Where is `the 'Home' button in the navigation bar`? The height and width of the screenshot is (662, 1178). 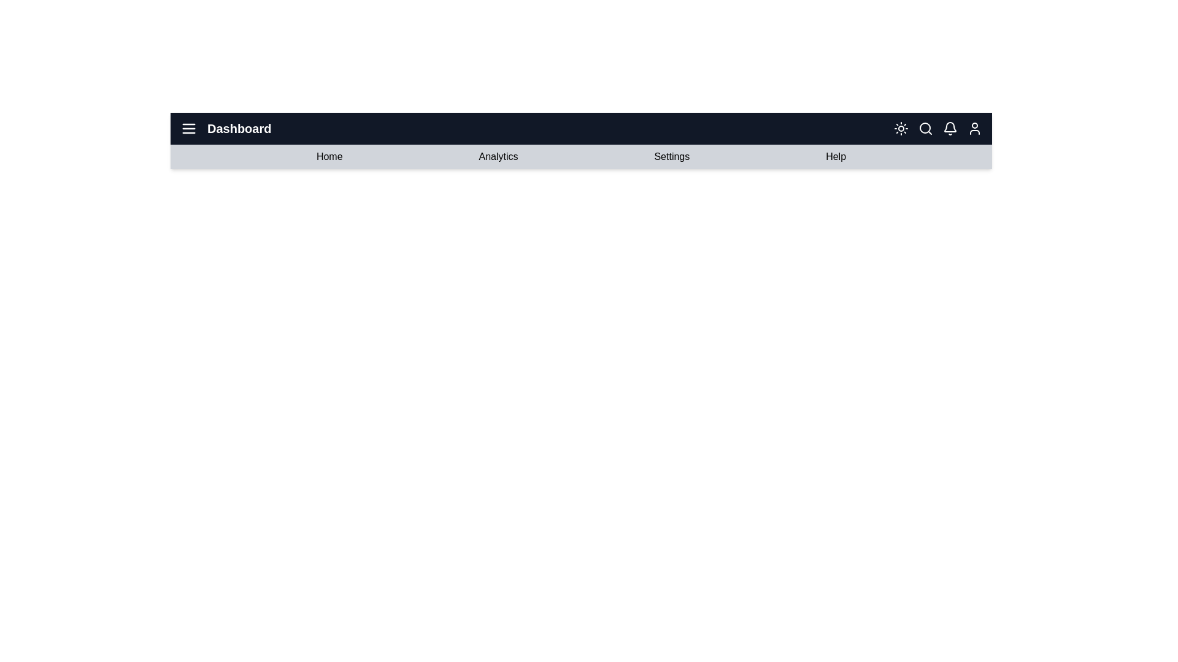
the 'Home' button in the navigation bar is located at coordinates (329, 156).